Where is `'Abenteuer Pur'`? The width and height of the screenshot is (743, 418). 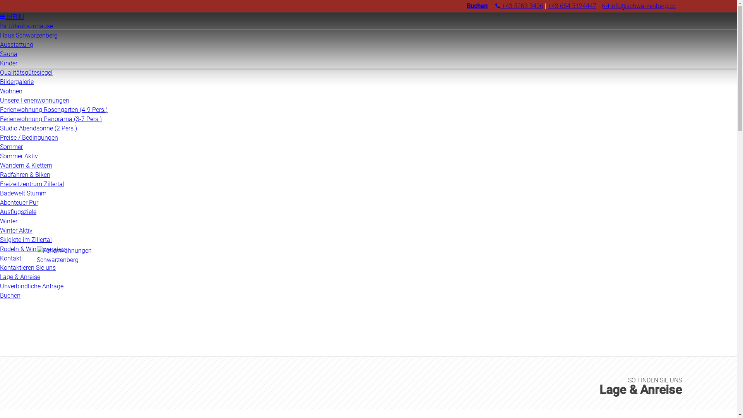 'Abenteuer Pur' is located at coordinates (19, 202).